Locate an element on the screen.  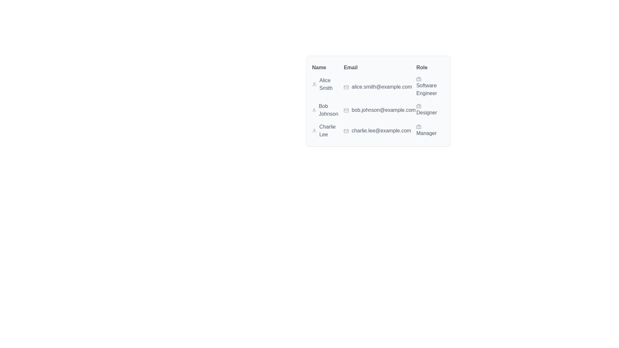
email address 'charlie.lee@example.com' displayed in the Static text element located in the 'Email' column next to Charlie Lee's name is located at coordinates (379, 130).